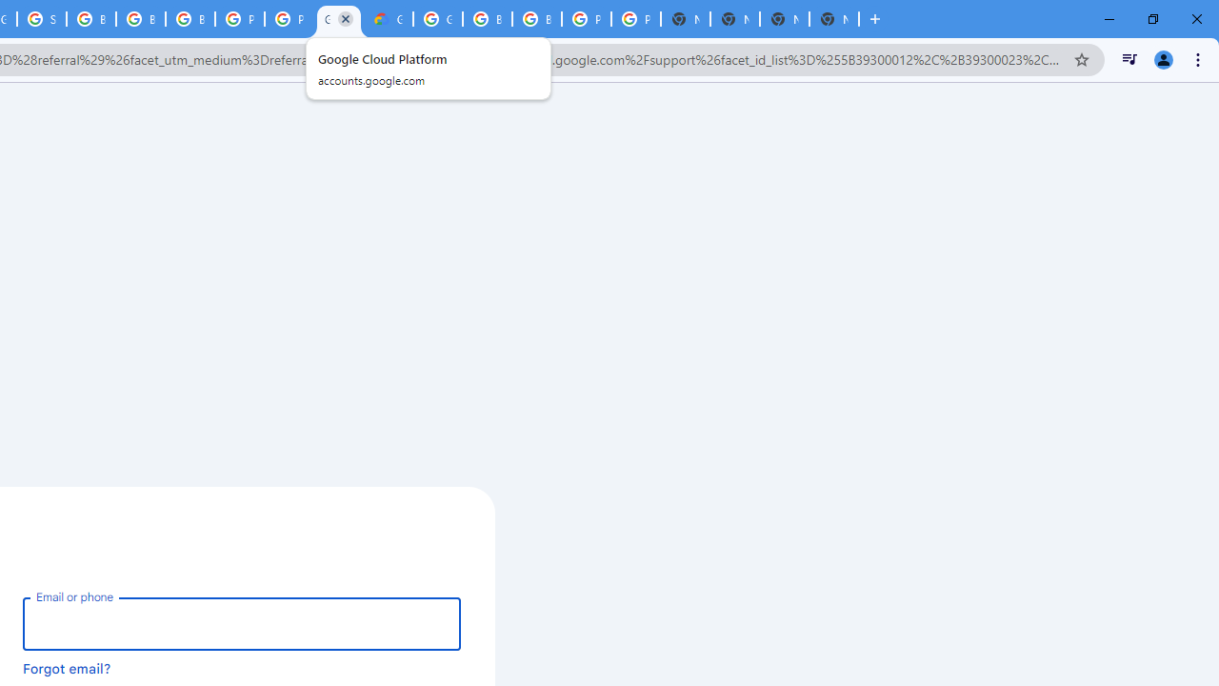 The image size is (1219, 686). Describe the element at coordinates (67, 667) in the screenshot. I see `'Forgot email?'` at that location.